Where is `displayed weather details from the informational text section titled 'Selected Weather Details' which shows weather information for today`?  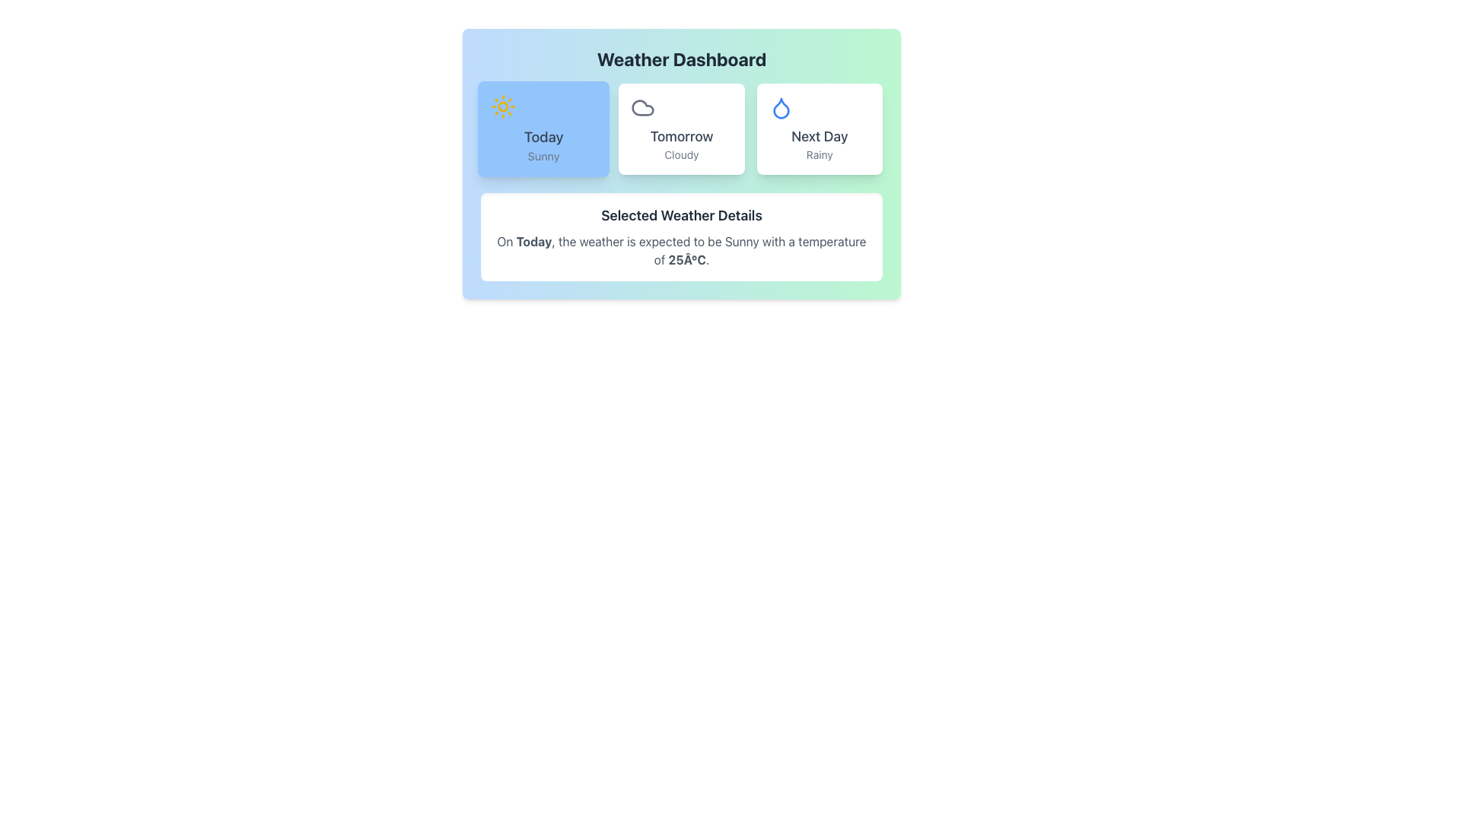
displayed weather details from the informational text section titled 'Selected Weather Details' which shows weather information for today is located at coordinates (681, 237).